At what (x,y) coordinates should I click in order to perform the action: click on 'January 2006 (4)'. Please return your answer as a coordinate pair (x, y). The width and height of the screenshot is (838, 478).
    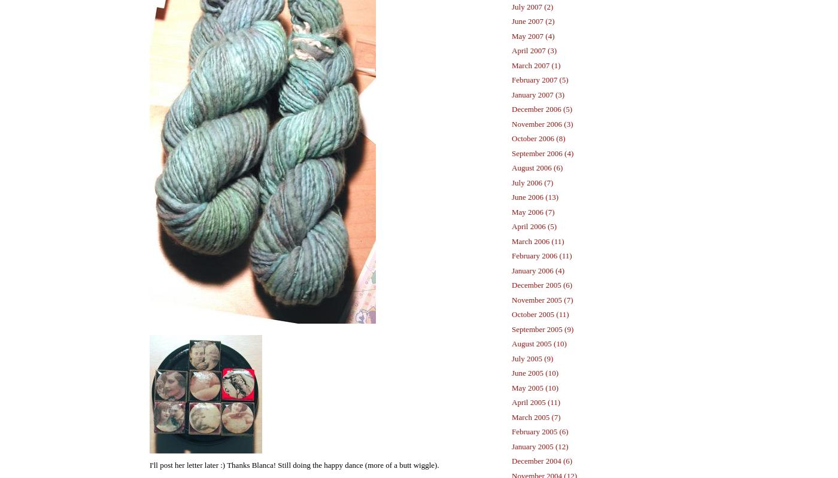
    Looking at the image, I should click on (538, 270).